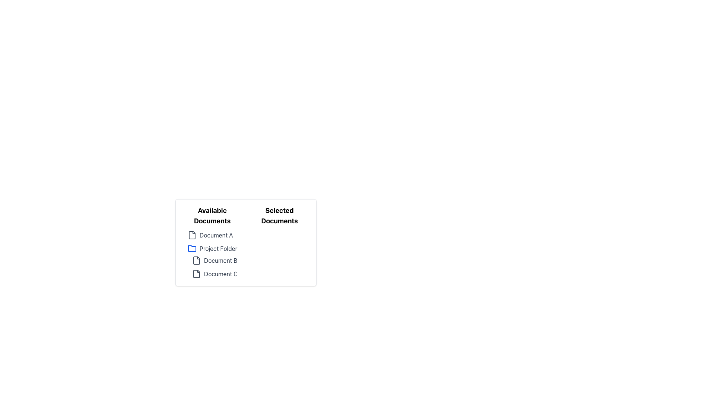  What do you see at coordinates (197, 274) in the screenshot?
I see `the icon representing 'Document C' that is located at the bottom of the 'Available Documents' list` at bounding box center [197, 274].